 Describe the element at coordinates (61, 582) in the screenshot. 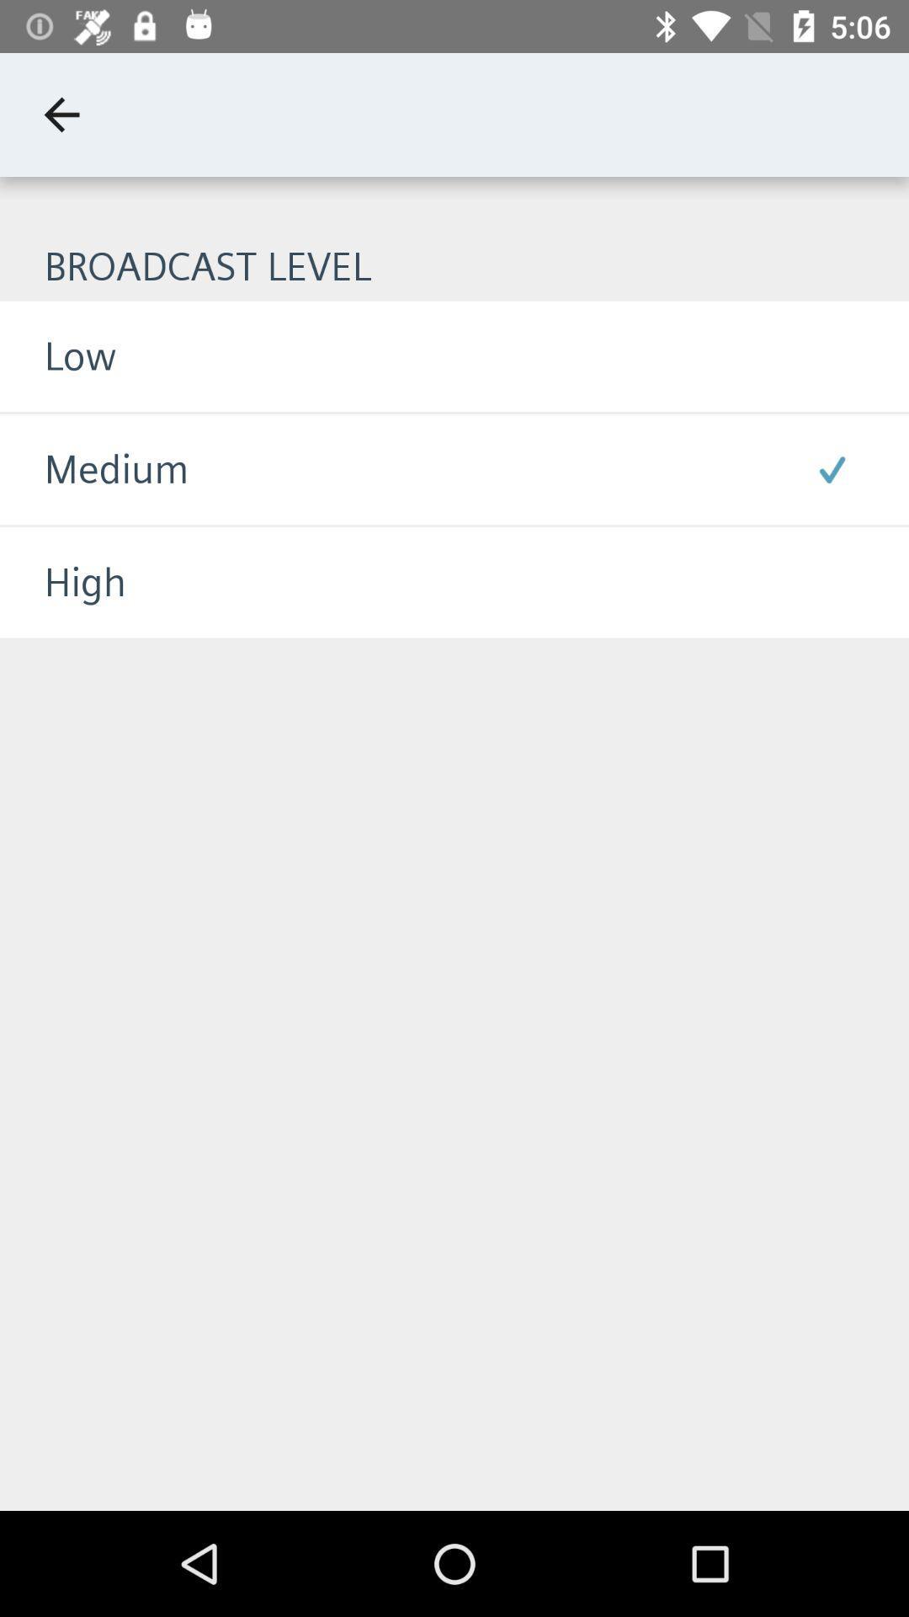

I see `item on the left` at that location.